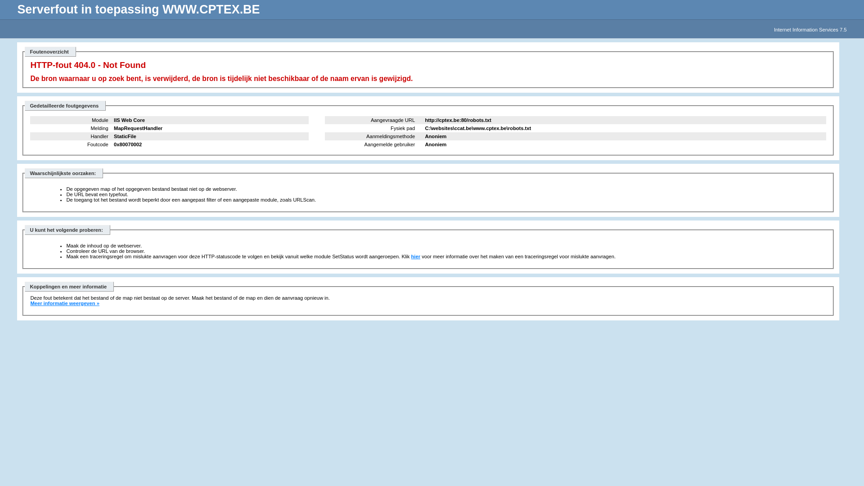  I want to click on 'hier', so click(410, 256).